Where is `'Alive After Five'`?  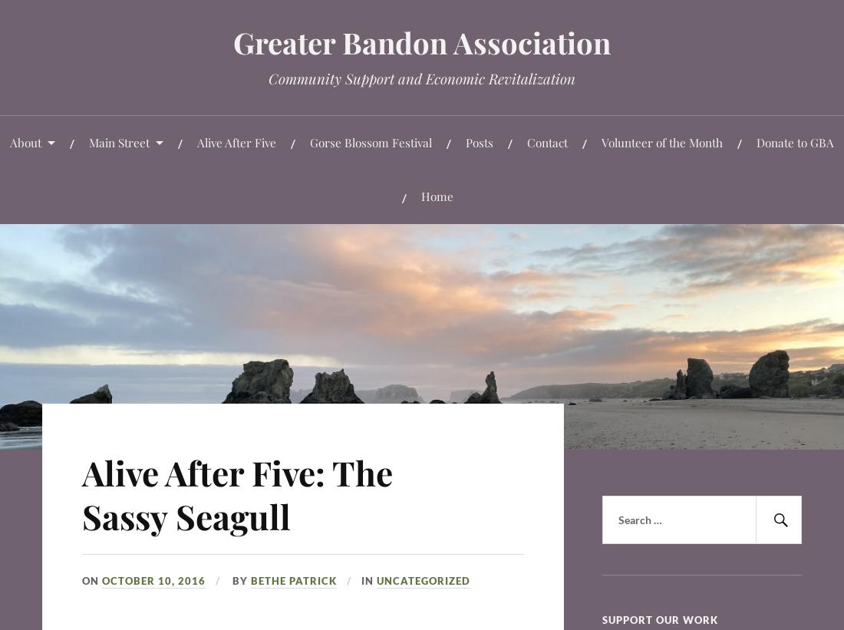
'Alive After Five' is located at coordinates (236, 140).